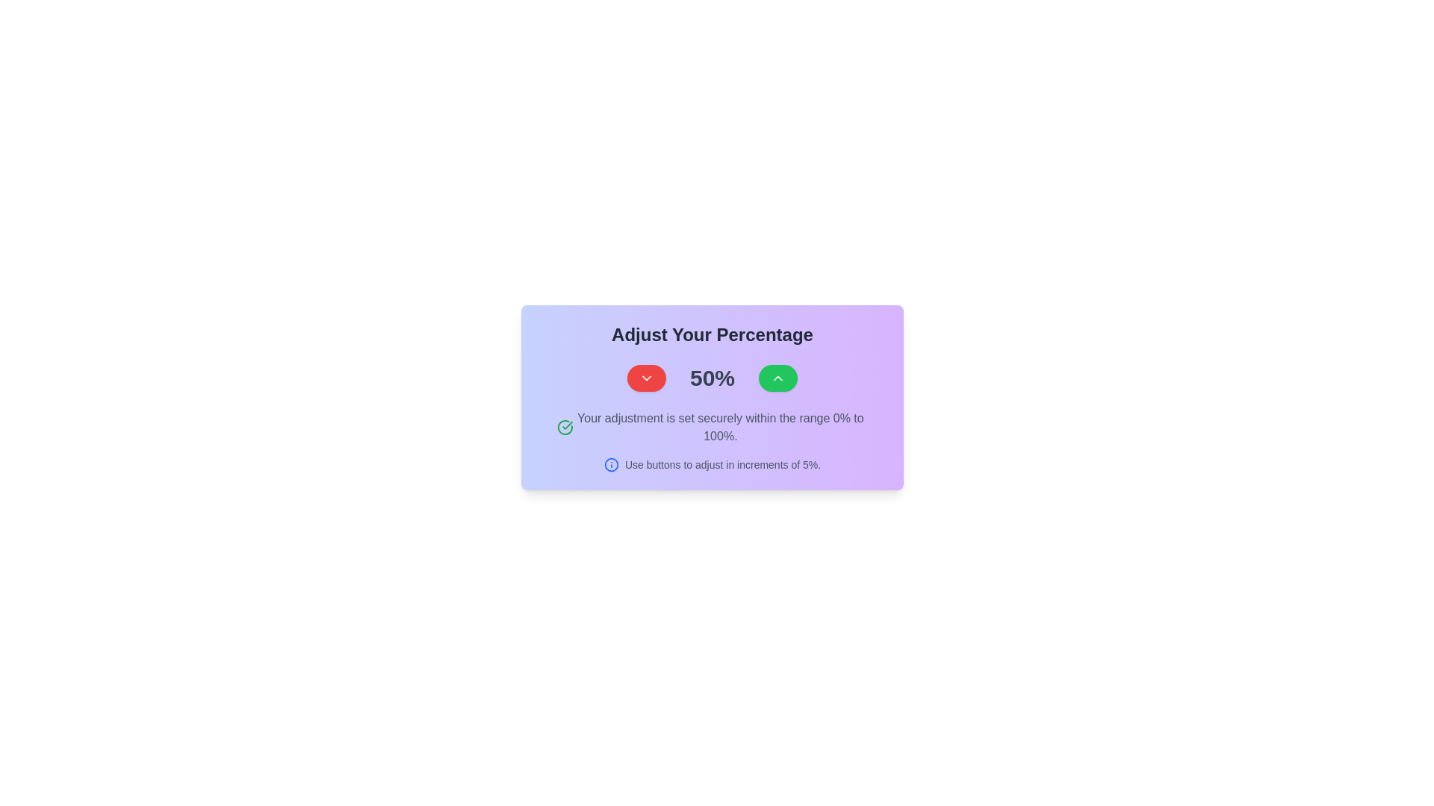  What do you see at coordinates (777, 377) in the screenshot?
I see `the small green rounded button with a white upward-pointing chevron symbol, located below 'Adjust Your Percentage' and to the right of '50%', to increment the value` at bounding box center [777, 377].